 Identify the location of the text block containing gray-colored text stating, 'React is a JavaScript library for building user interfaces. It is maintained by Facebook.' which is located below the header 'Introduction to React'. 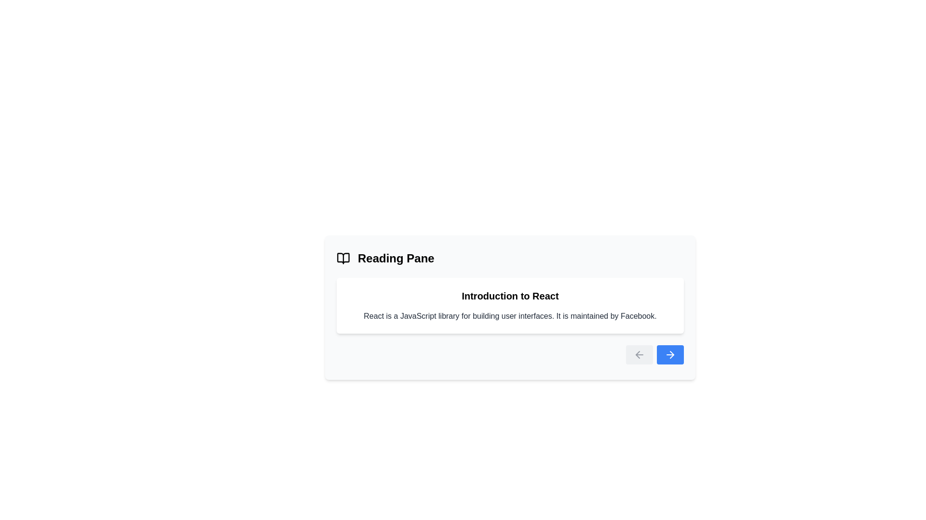
(509, 316).